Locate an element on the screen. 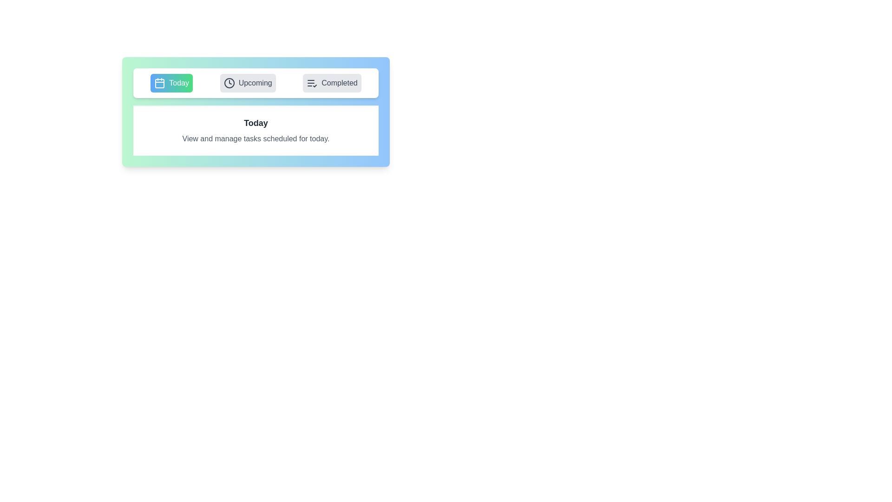  the content of the active tab displayed in the content area is located at coordinates (256, 131).